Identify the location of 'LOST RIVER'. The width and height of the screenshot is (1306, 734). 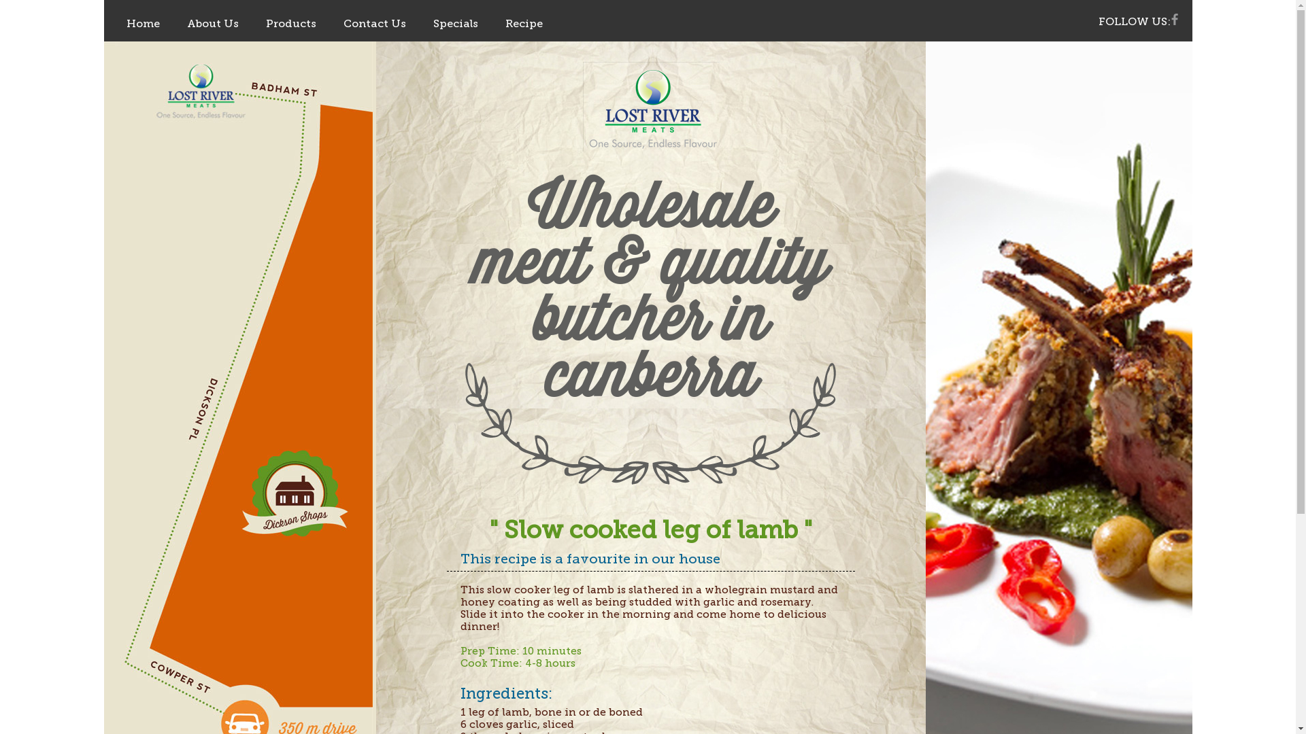
(649, 106).